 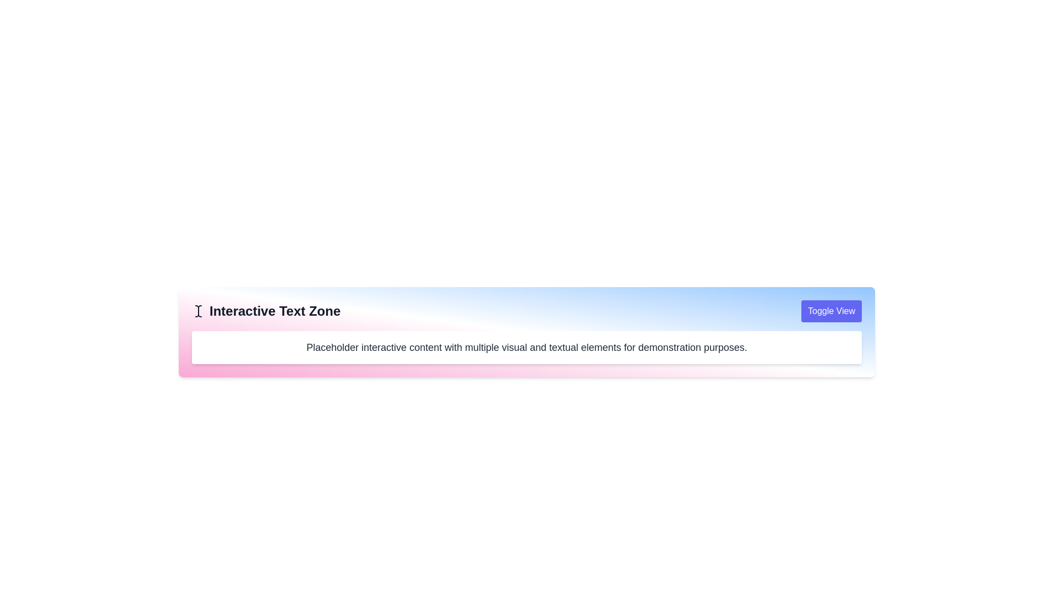 I want to click on the static informational label displaying 'Placeholder interactive content with multiple visual and textual elements for demonstration purposes.', so click(x=526, y=348).